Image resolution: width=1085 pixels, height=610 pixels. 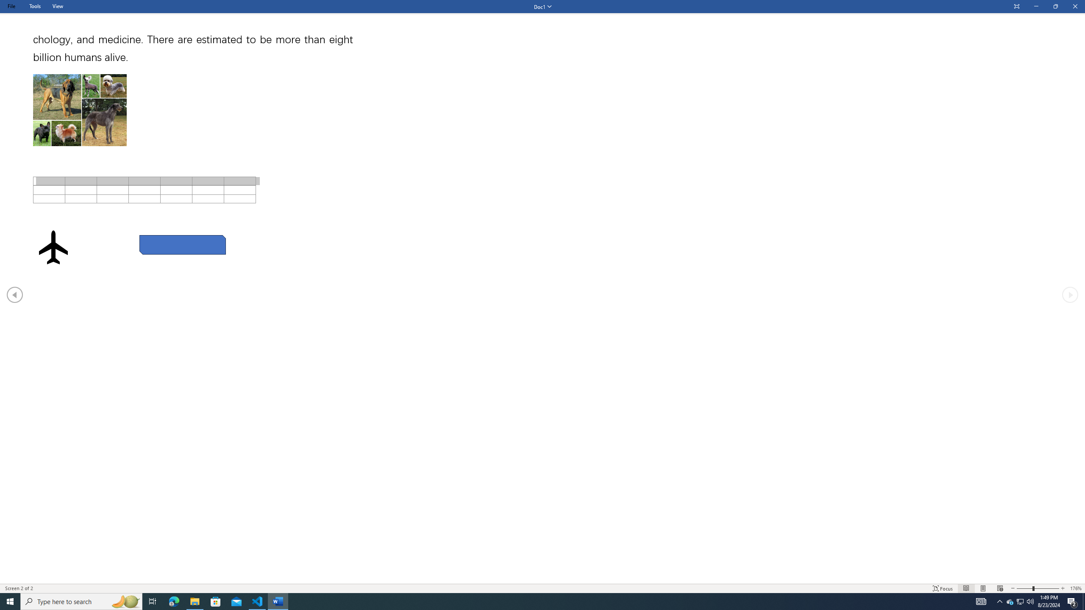 I want to click on 'Restore Down', so click(x=1055, y=6).